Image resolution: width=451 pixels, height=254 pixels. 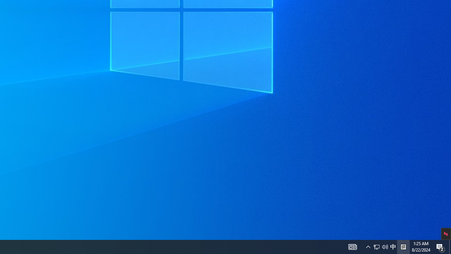 I want to click on 'Action Center, 2 new notifications', so click(x=440, y=246).